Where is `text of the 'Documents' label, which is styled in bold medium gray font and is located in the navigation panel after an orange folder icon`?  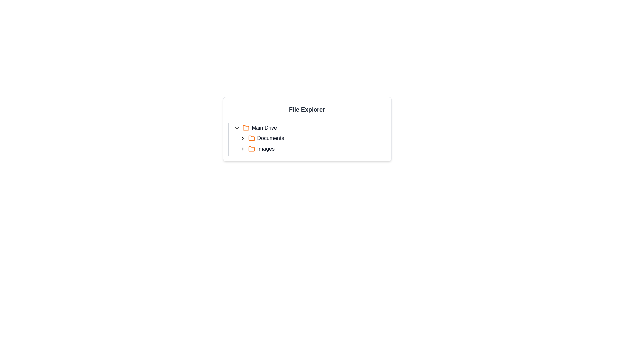
text of the 'Documents' label, which is styled in bold medium gray font and is located in the navigation panel after an orange folder icon is located at coordinates (270, 138).